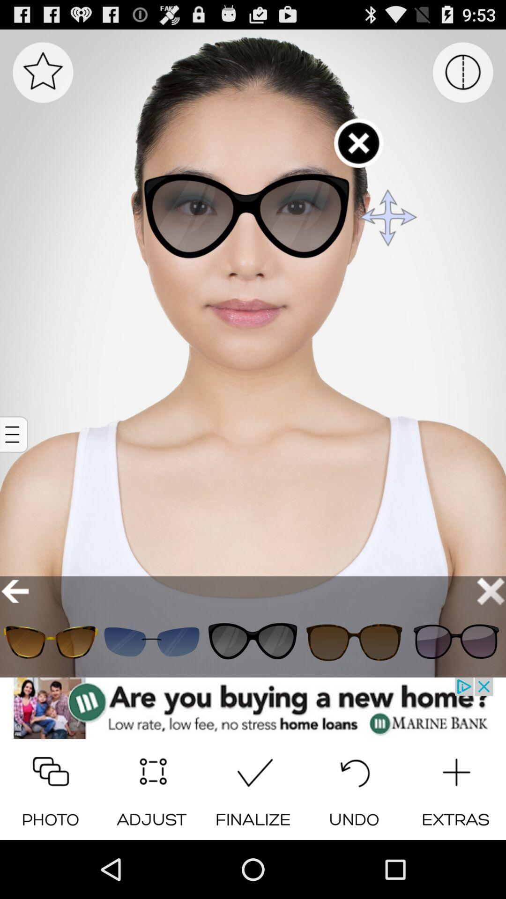  What do you see at coordinates (253, 641) in the screenshot?
I see `glasses selection` at bounding box center [253, 641].